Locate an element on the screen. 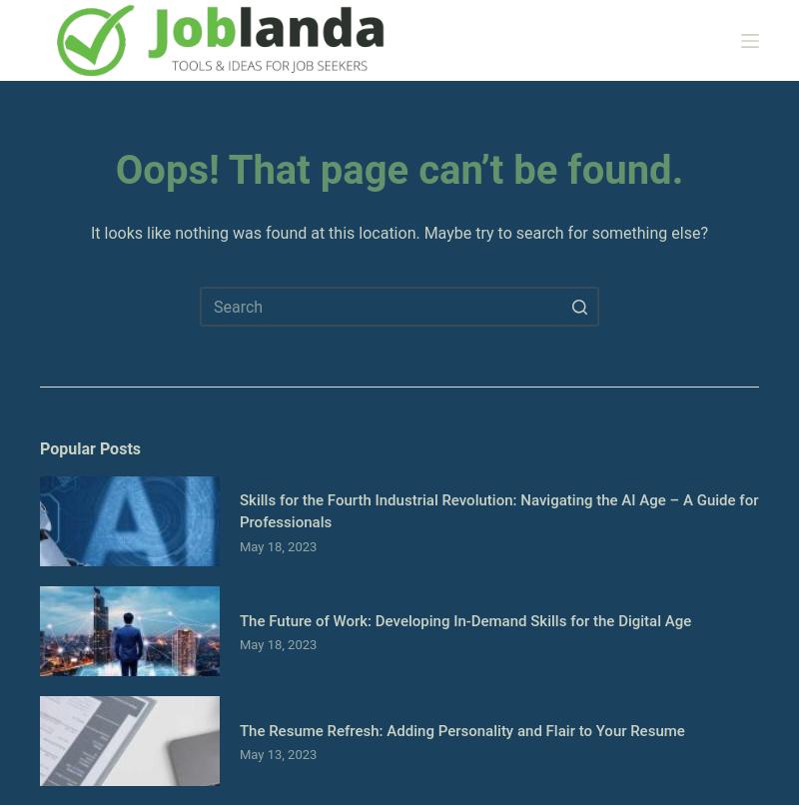 This screenshot has width=799, height=805. 'Our Partners' is located at coordinates (84, 330).